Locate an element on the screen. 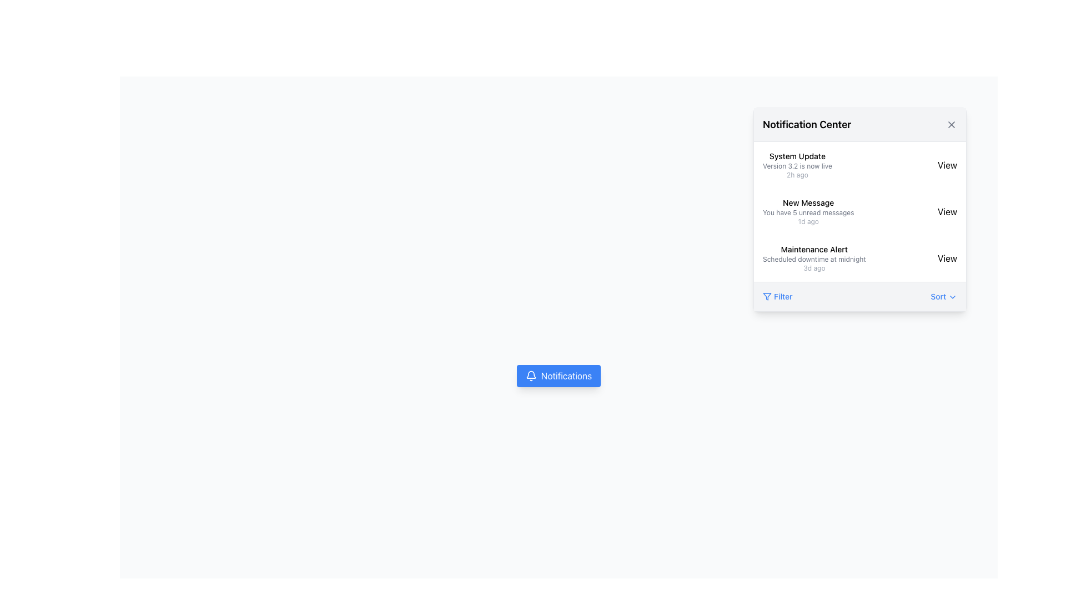  the chevron-down icon is located at coordinates (952, 297).